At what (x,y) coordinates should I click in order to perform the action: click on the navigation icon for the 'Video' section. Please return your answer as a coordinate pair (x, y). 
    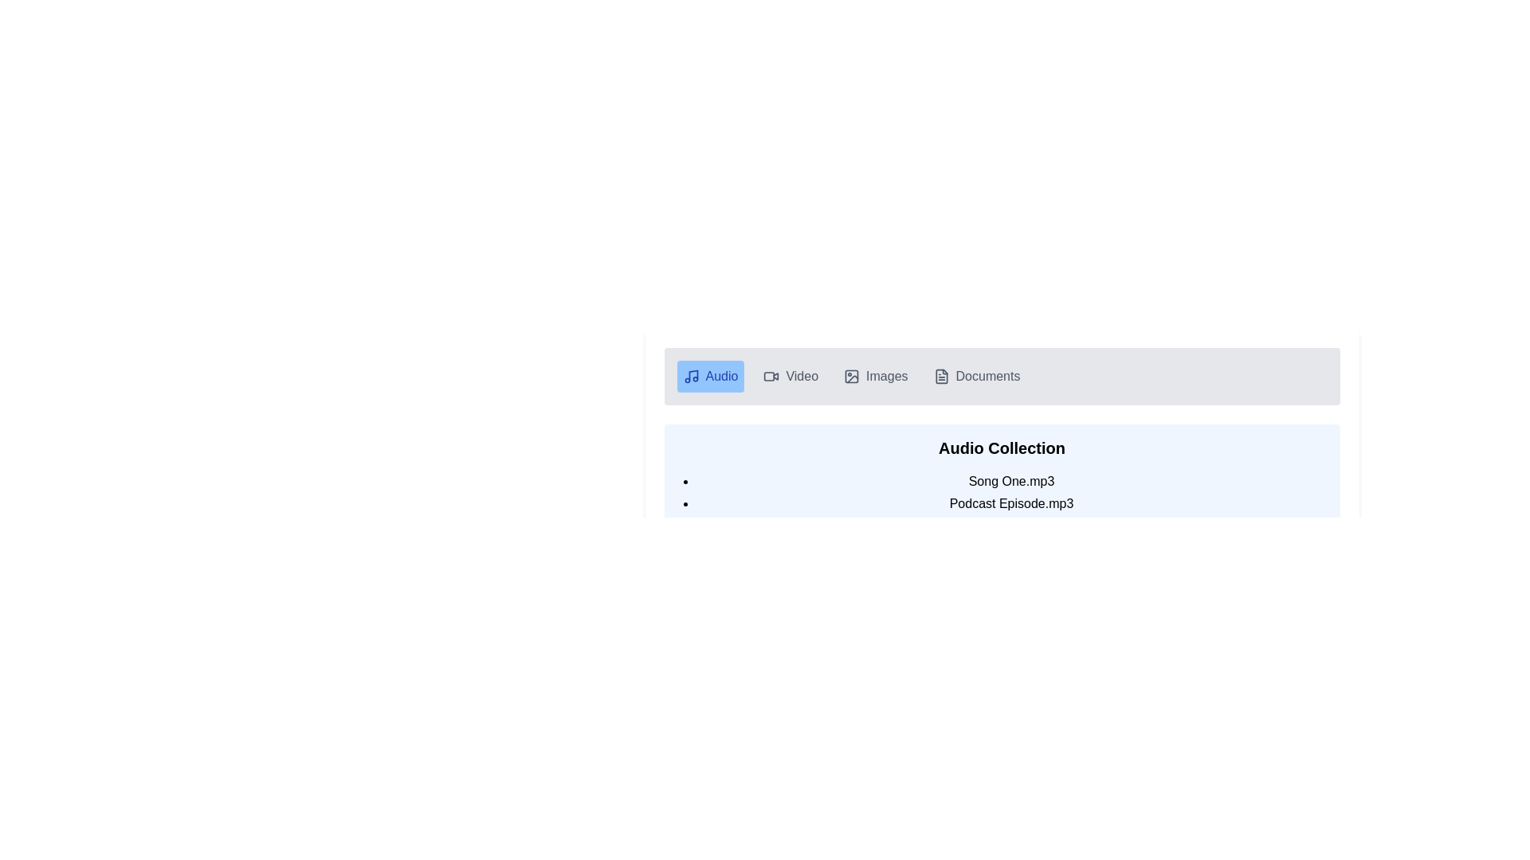
    Looking at the image, I should click on (771, 377).